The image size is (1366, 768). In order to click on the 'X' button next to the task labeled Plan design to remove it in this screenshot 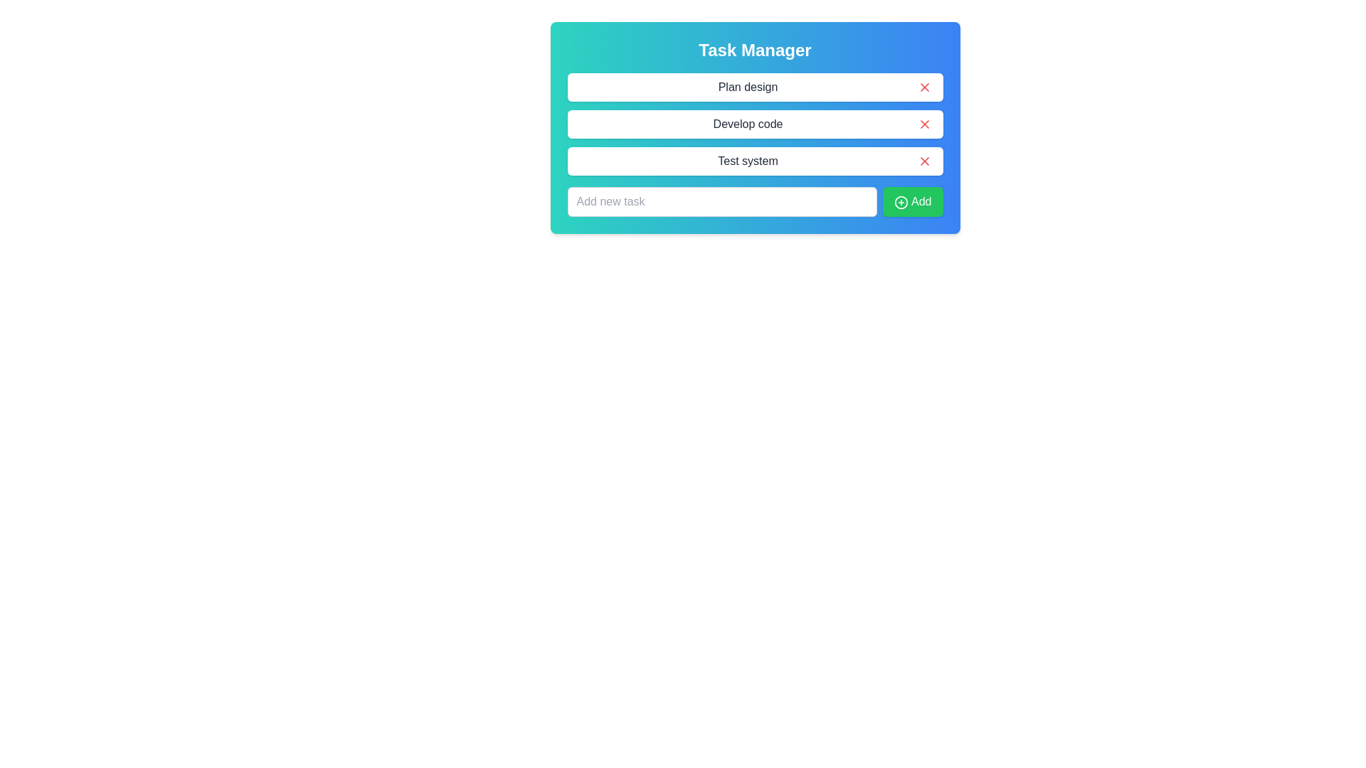, I will do `click(924, 87)`.